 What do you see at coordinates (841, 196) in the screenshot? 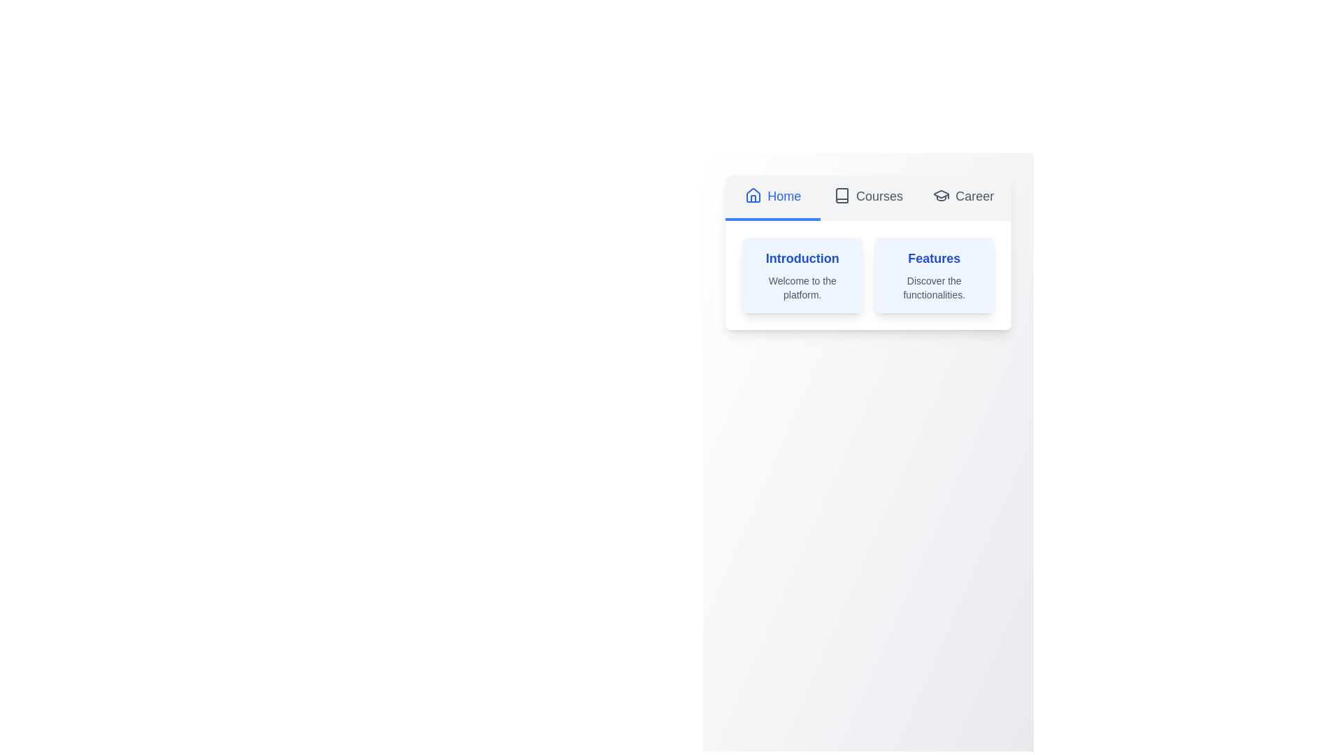
I see `the 'Courses' icon in the navigation bar for keyboard navigation` at bounding box center [841, 196].